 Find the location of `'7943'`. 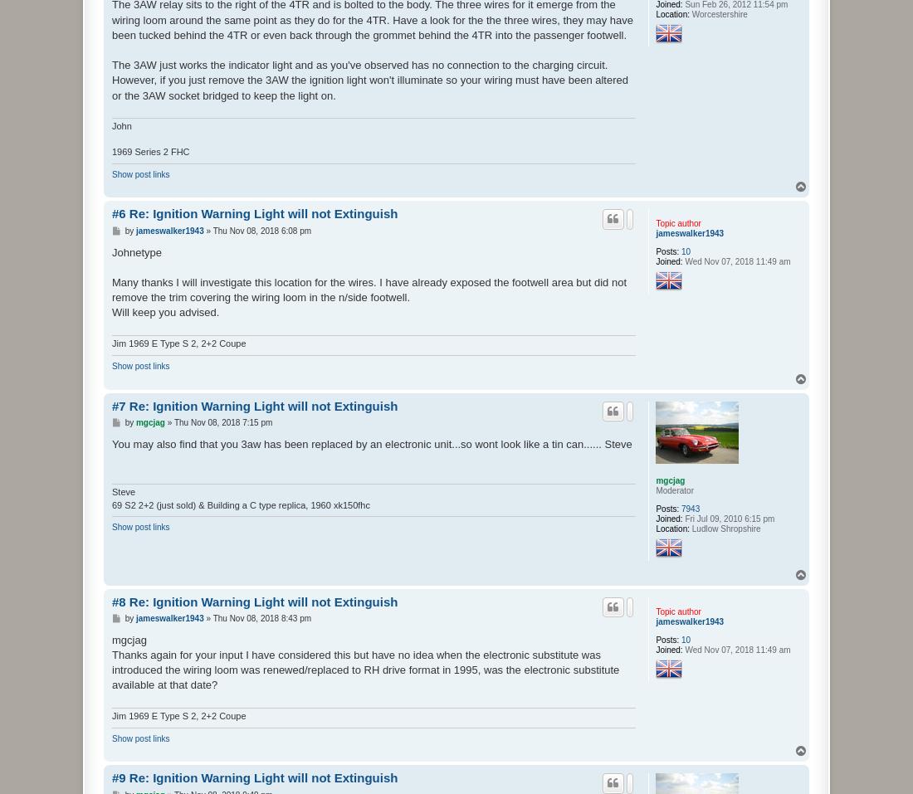

'7943' is located at coordinates (689, 507).